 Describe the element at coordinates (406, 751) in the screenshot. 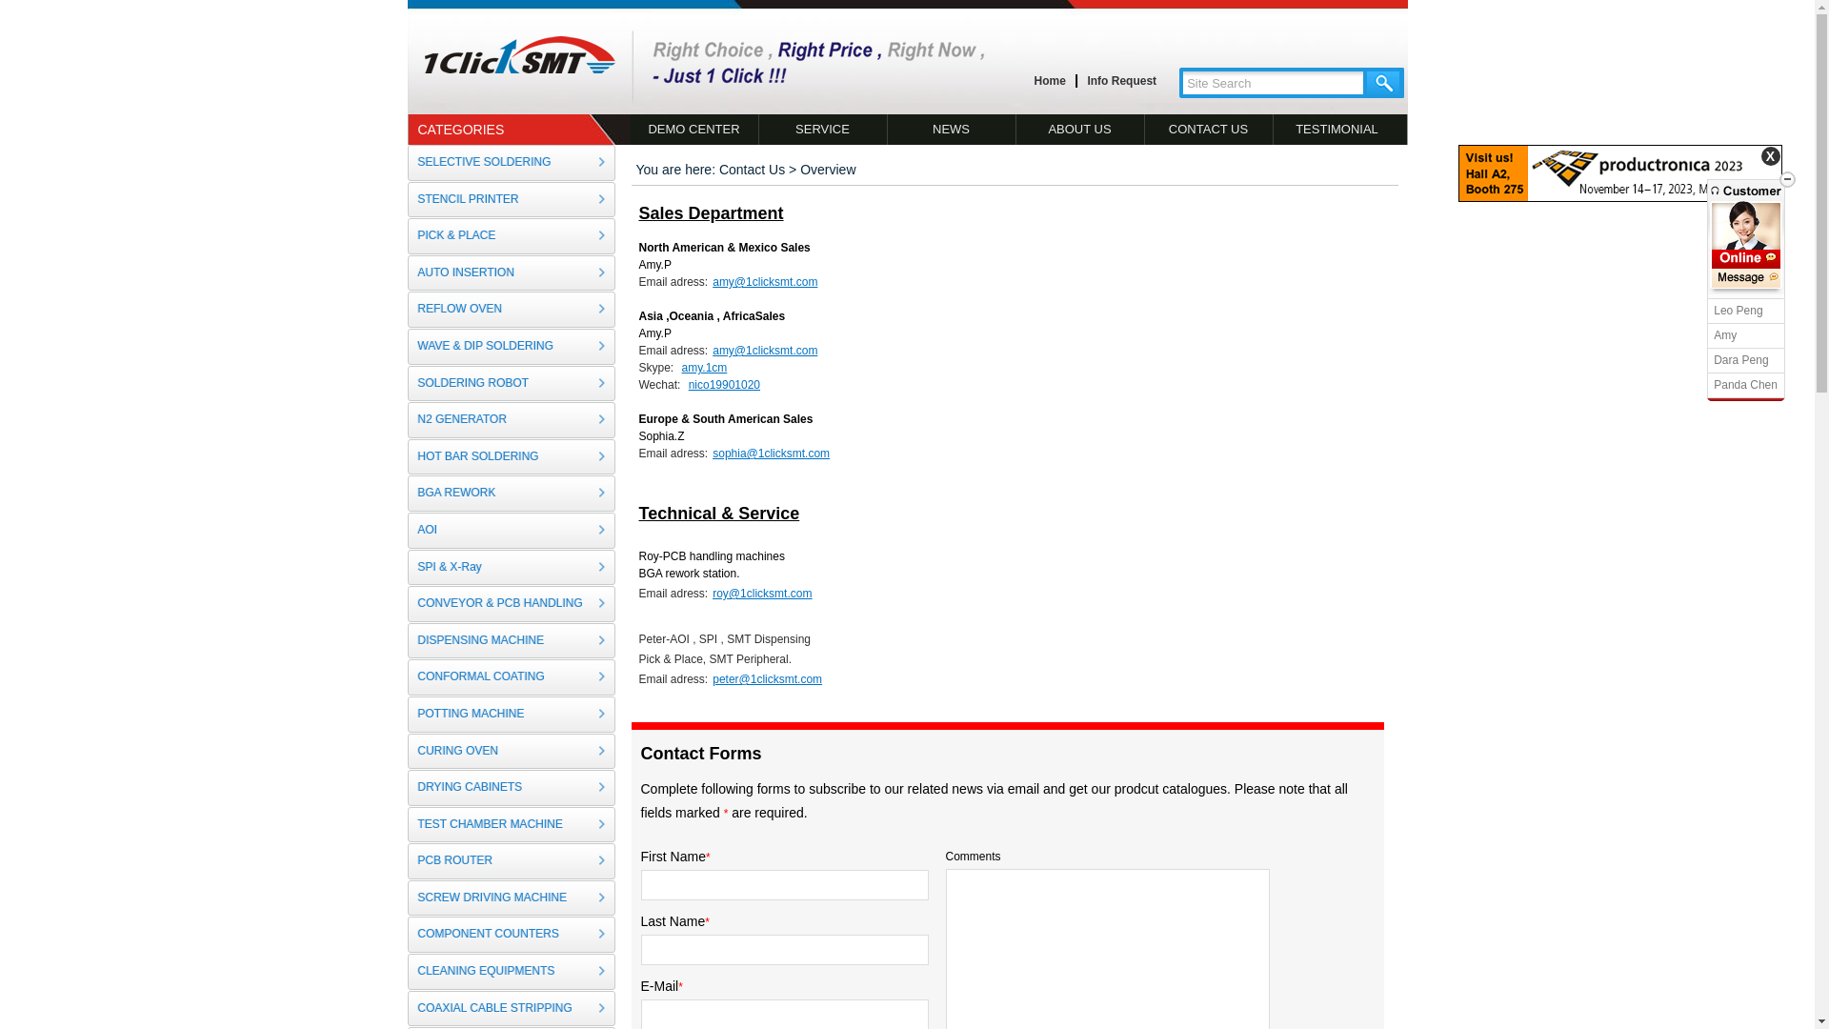

I see `'CURING OVEN'` at that location.